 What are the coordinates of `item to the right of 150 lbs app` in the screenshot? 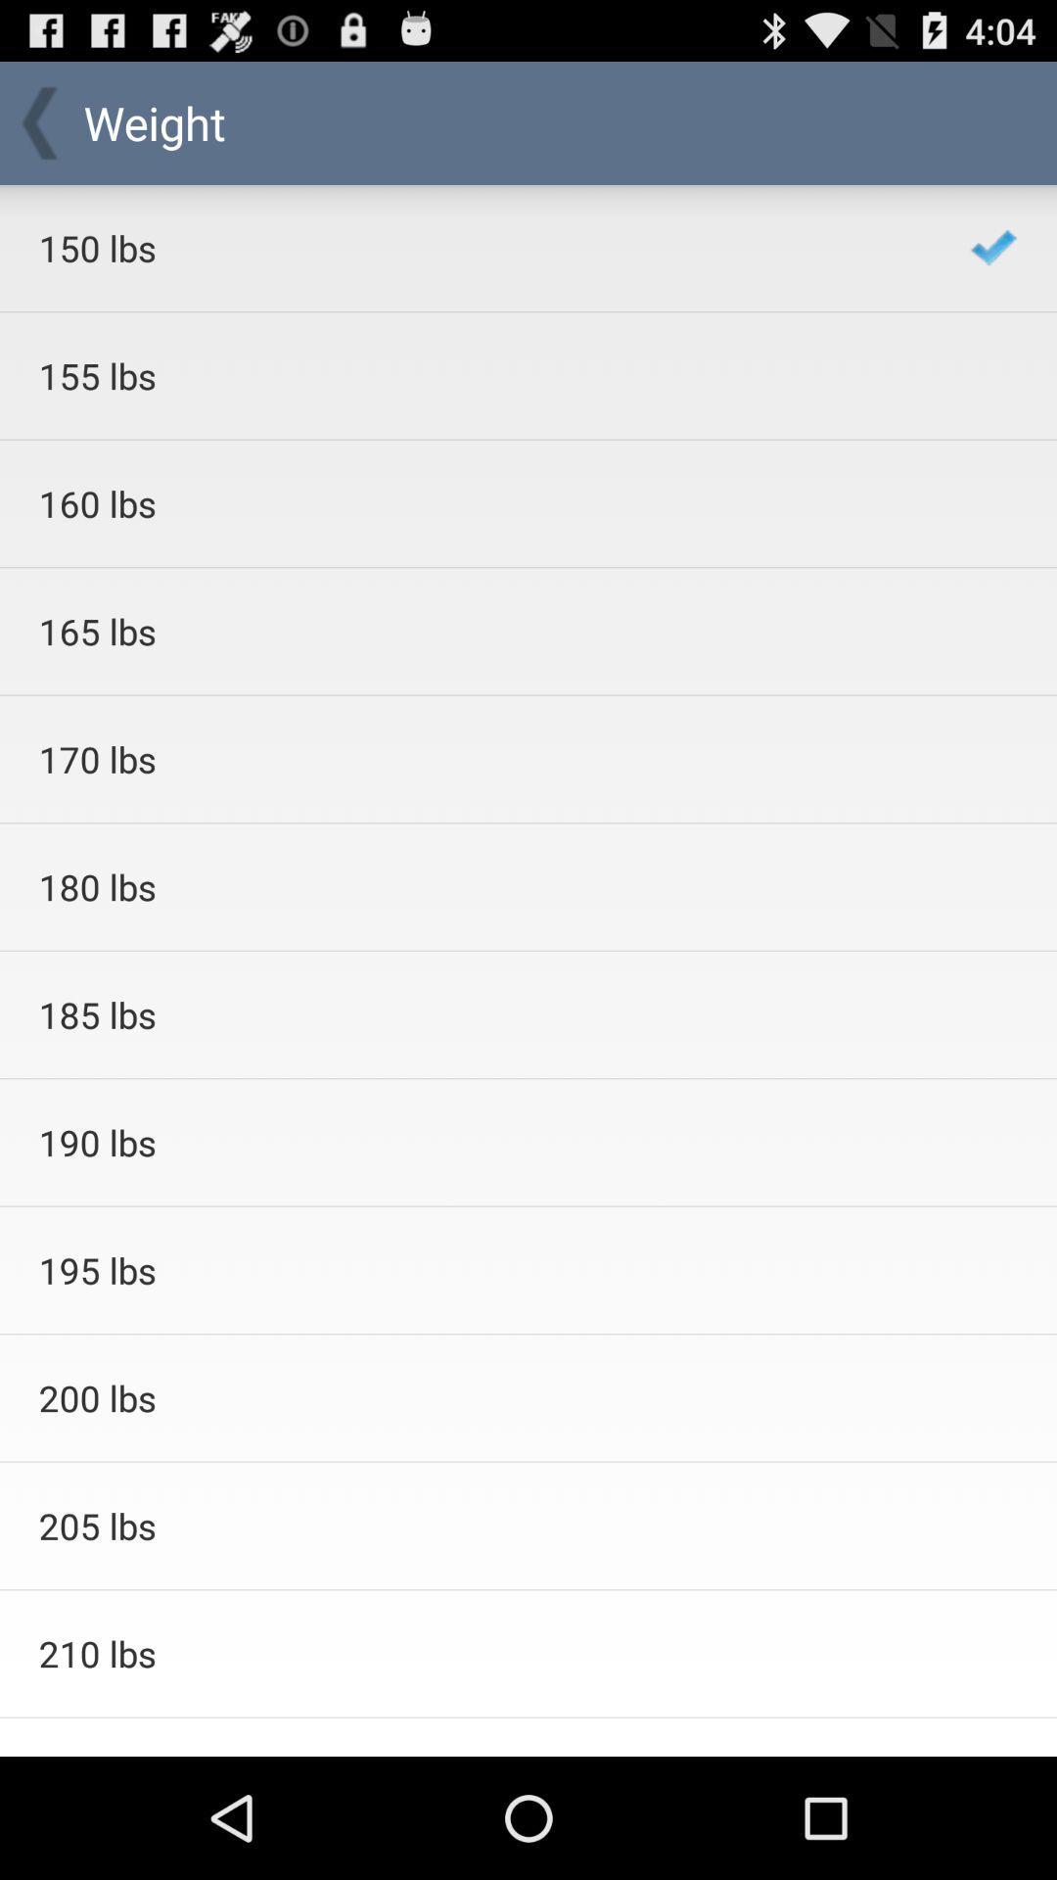 It's located at (993, 247).